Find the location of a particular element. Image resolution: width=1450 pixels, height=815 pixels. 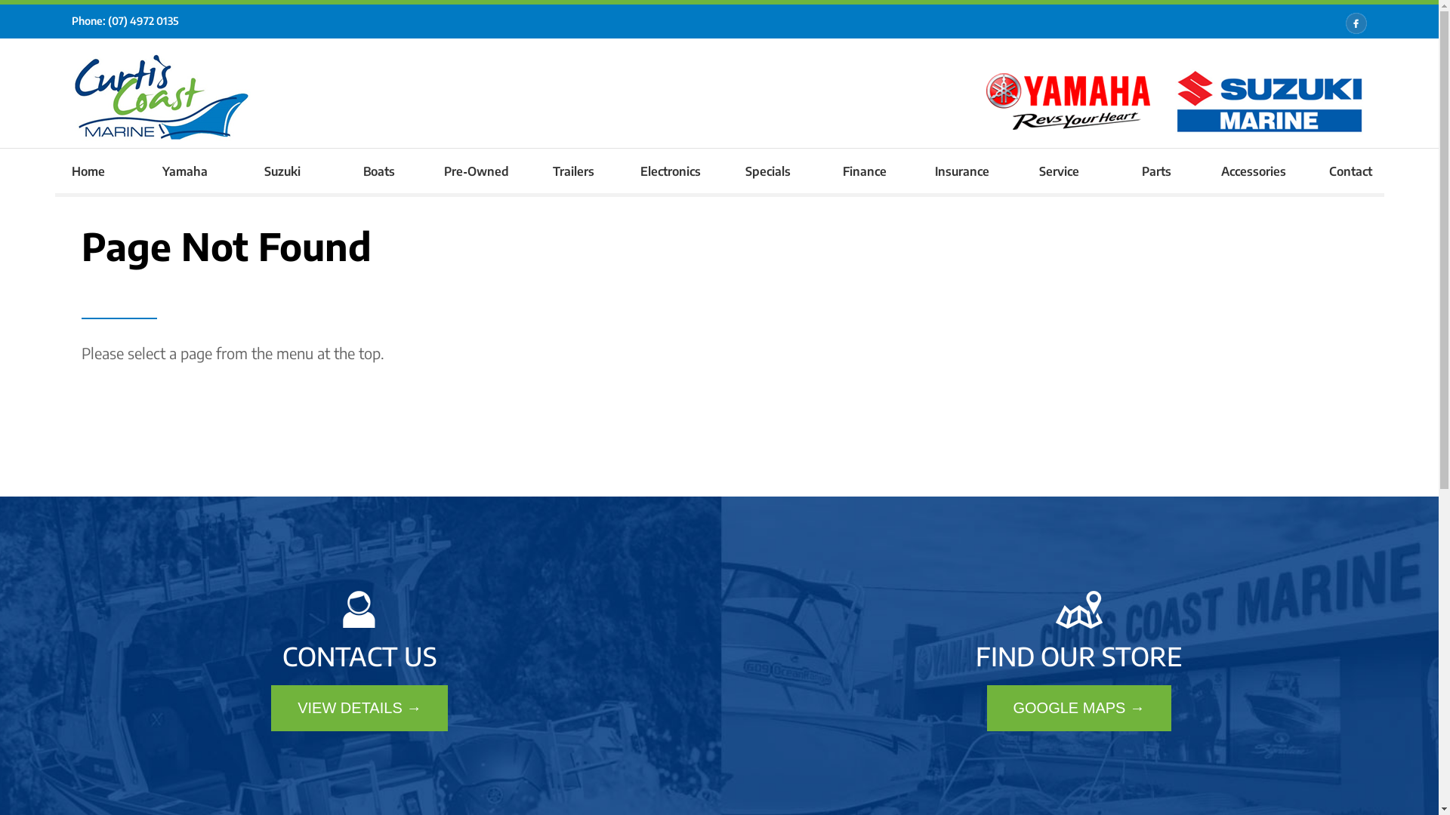

'Phone: (07) 4972 0135' is located at coordinates (71, 20).